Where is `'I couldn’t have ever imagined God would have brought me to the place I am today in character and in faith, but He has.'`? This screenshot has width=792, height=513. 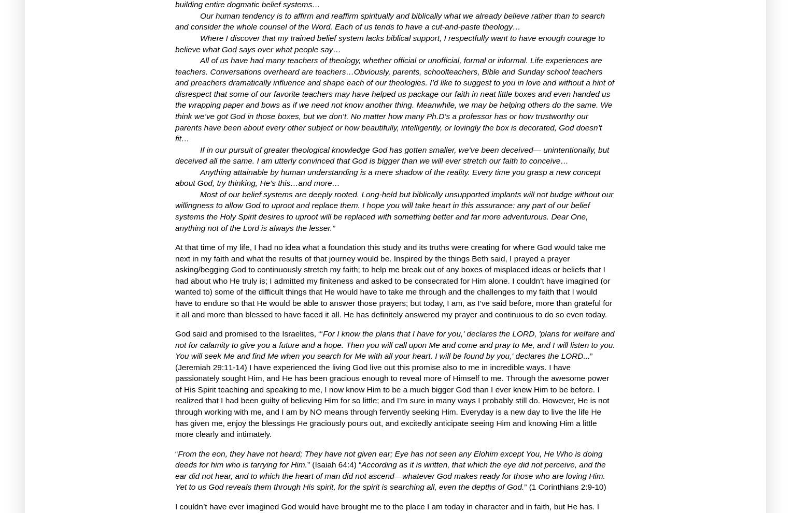 'I couldn’t have ever imagined God would have brought me to the place I am today in character and in faith, but He has.' is located at coordinates (384, 506).